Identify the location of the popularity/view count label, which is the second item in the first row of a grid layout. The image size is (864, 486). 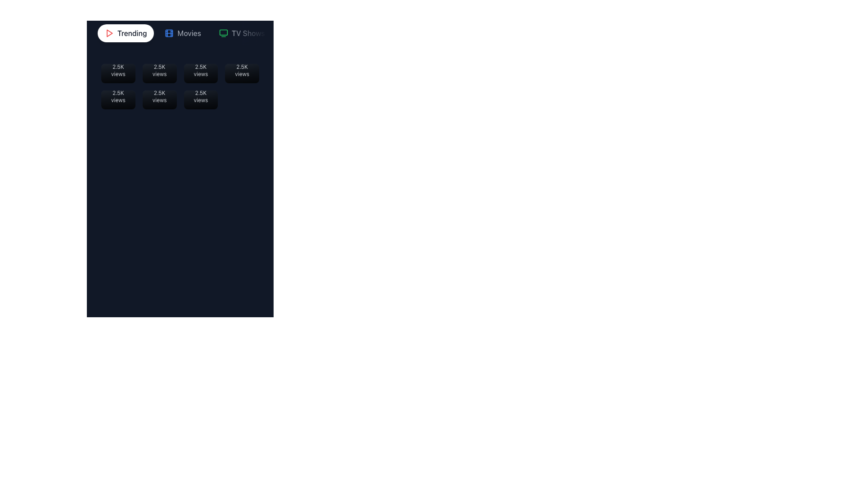
(159, 73).